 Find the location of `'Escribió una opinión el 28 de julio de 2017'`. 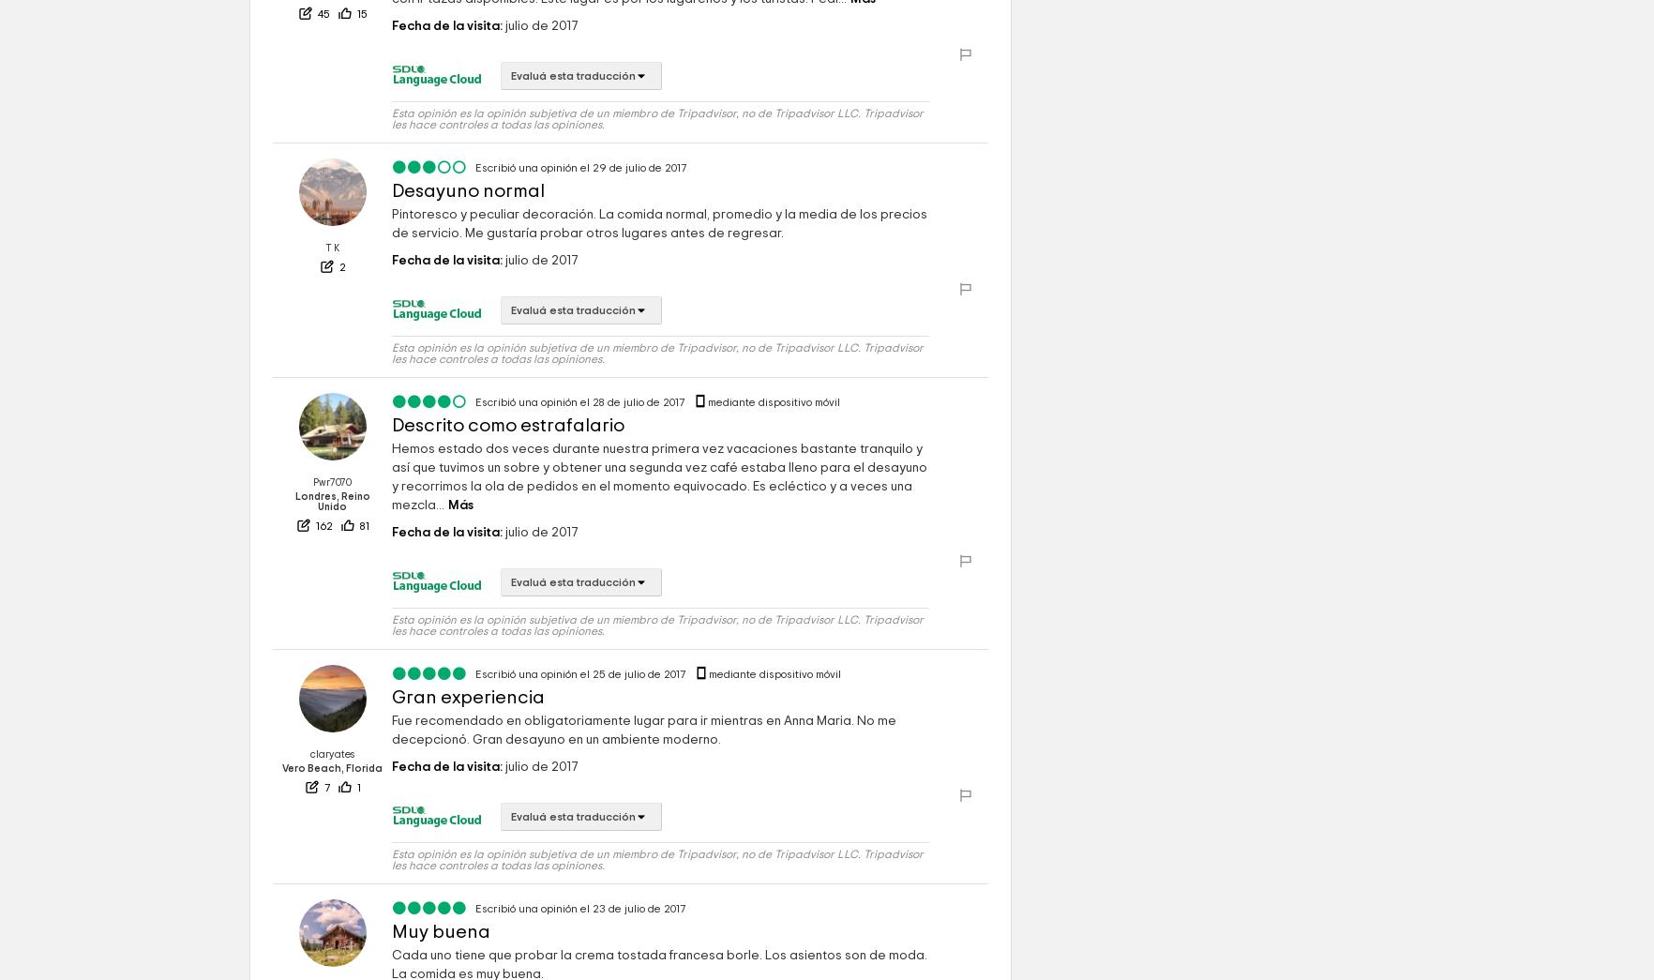

'Escribió una opinión el 28 de julio de 2017' is located at coordinates (581, 401).